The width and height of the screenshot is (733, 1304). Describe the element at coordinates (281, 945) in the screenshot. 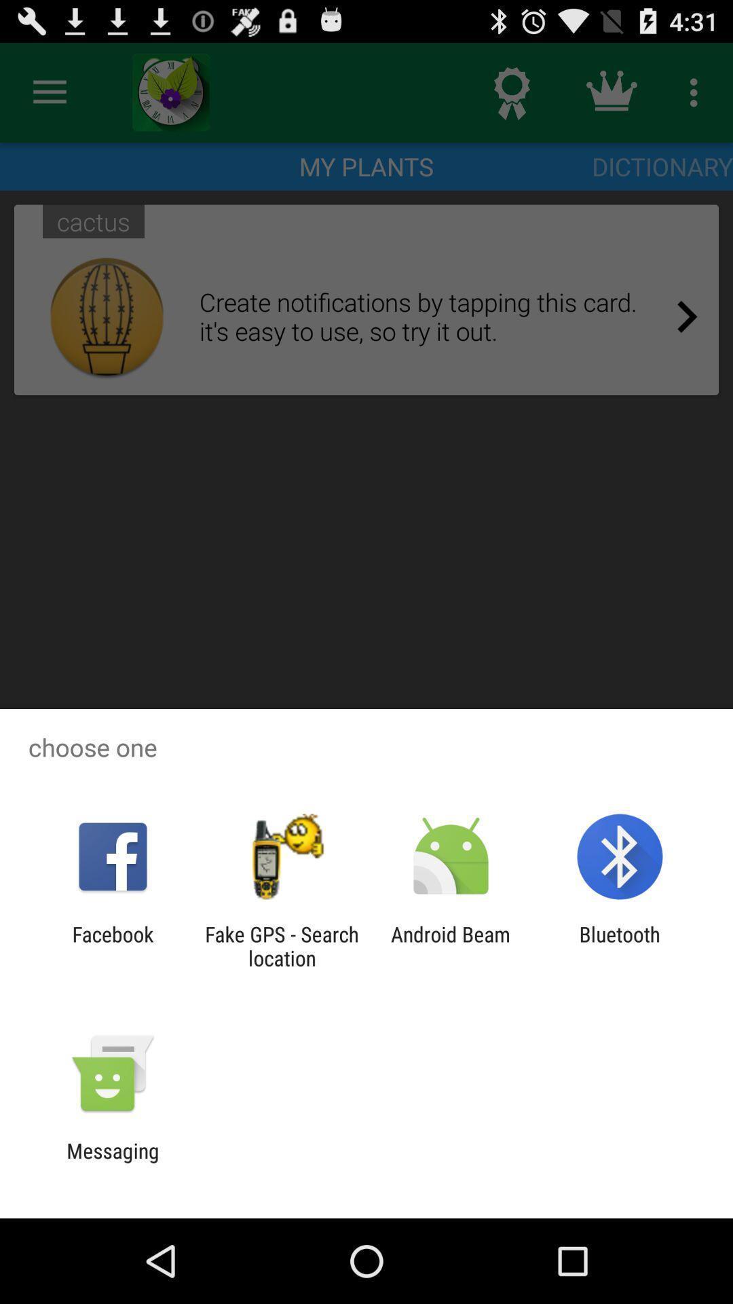

I see `fake gps search app` at that location.